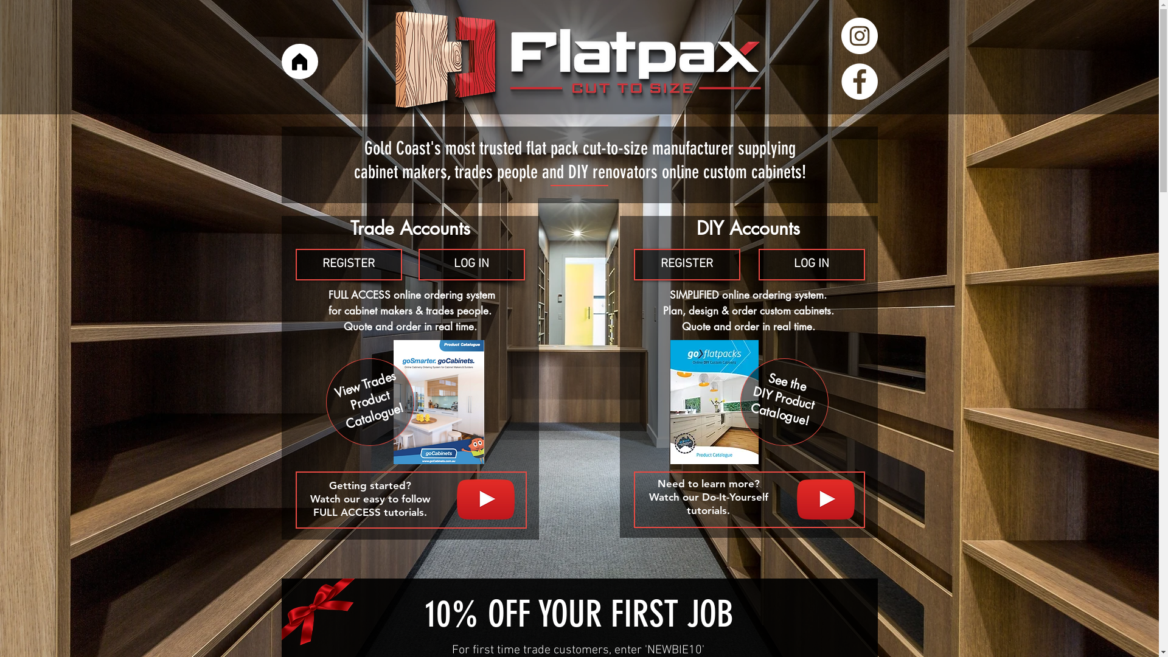 The height and width of the screenshot is (657, 1168). I want to click on 'REGISTER', so click(633, 264).